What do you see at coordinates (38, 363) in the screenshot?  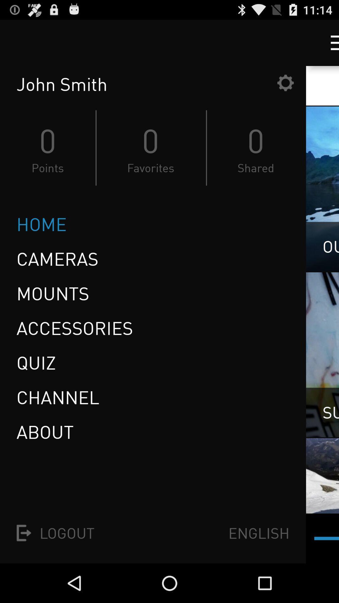 I see `quiz` at bounding box center [38, 363].